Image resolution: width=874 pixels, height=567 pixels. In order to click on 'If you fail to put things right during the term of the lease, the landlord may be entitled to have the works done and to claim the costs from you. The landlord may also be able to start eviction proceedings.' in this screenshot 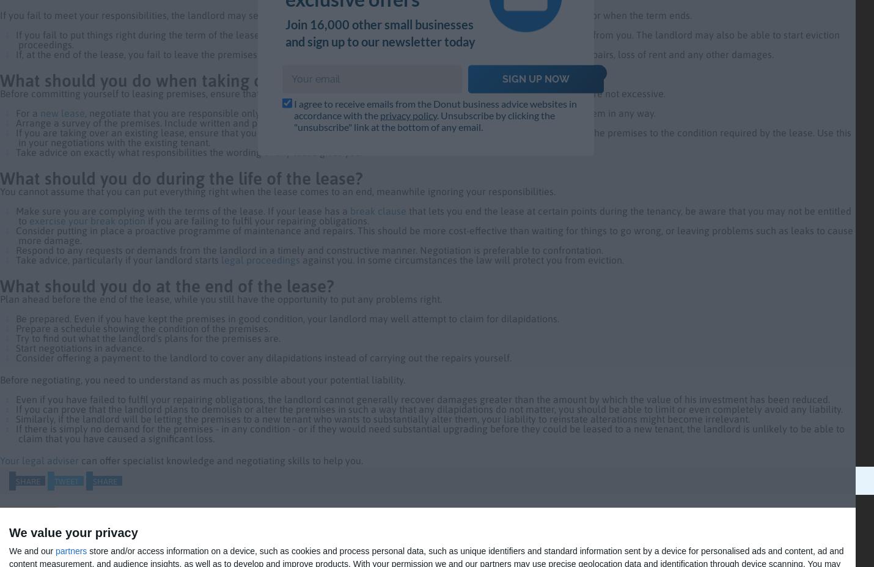, I will do `click(427, 39)`.